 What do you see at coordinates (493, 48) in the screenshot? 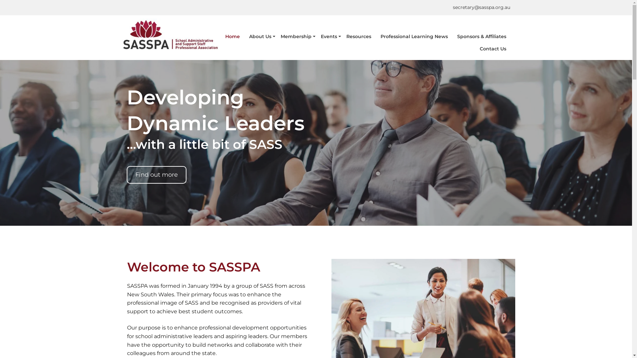
I see `'Contact Us'` at bounding box center [493, 48].